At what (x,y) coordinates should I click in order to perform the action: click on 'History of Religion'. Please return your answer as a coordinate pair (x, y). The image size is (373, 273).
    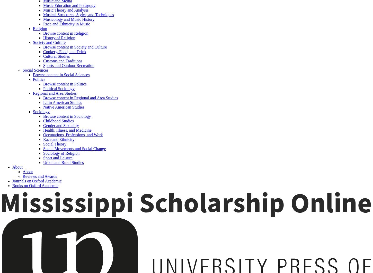
    Looking at the image, I should click on (59, 38).